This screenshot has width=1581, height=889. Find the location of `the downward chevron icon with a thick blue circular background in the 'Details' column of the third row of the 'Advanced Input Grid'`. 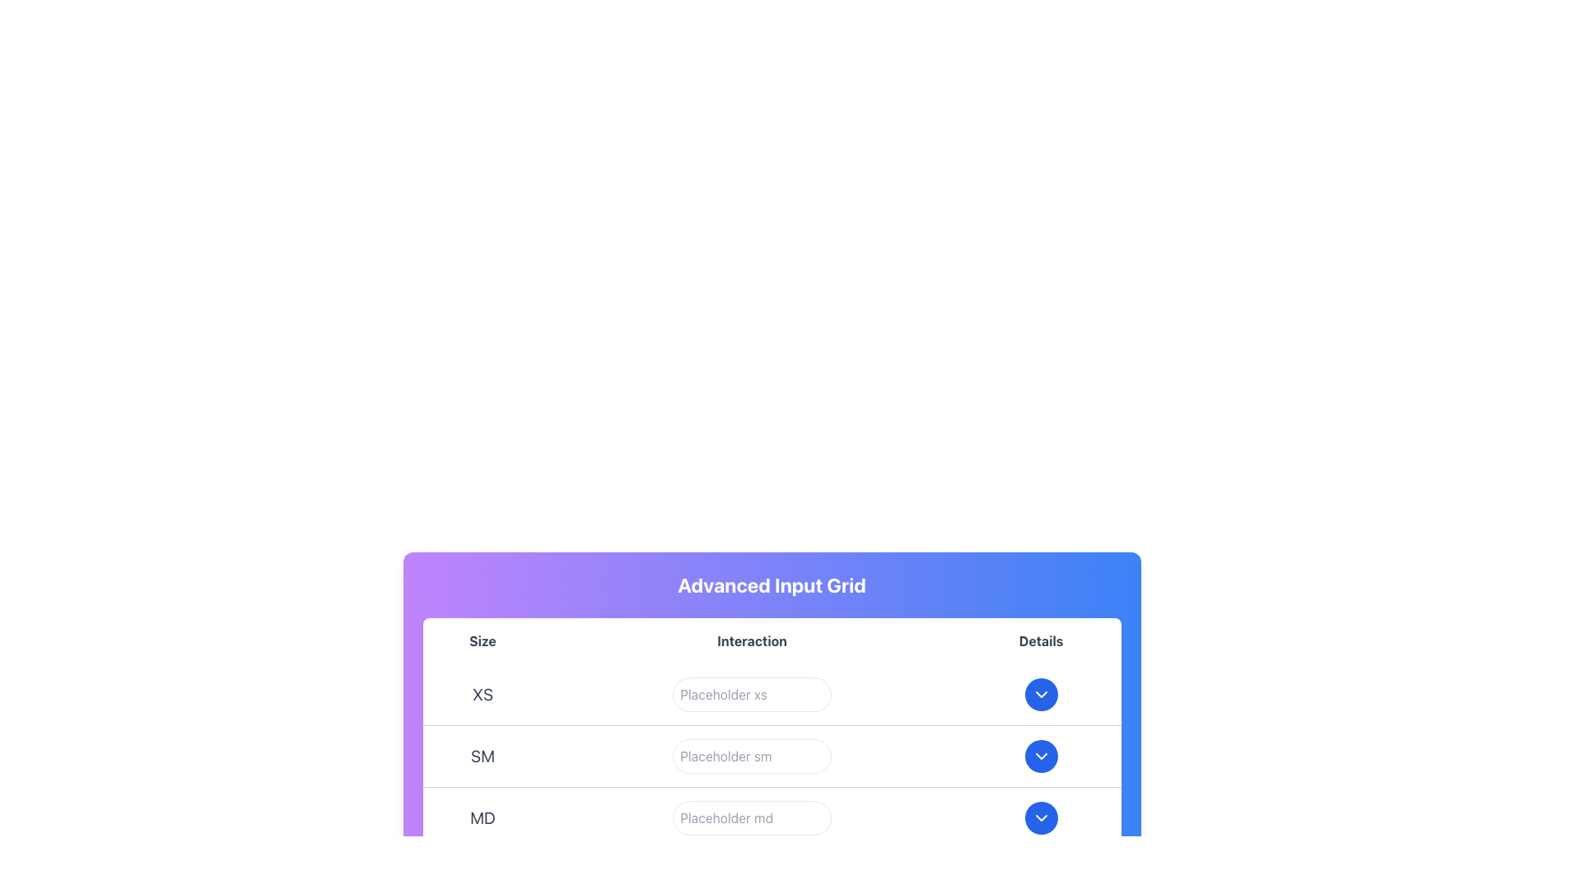

the downward chevron icon with a thick blue circular background in the 'Details' column of the third row of the 'Advanced Input Grid' is located at coordinates (1040, 818).